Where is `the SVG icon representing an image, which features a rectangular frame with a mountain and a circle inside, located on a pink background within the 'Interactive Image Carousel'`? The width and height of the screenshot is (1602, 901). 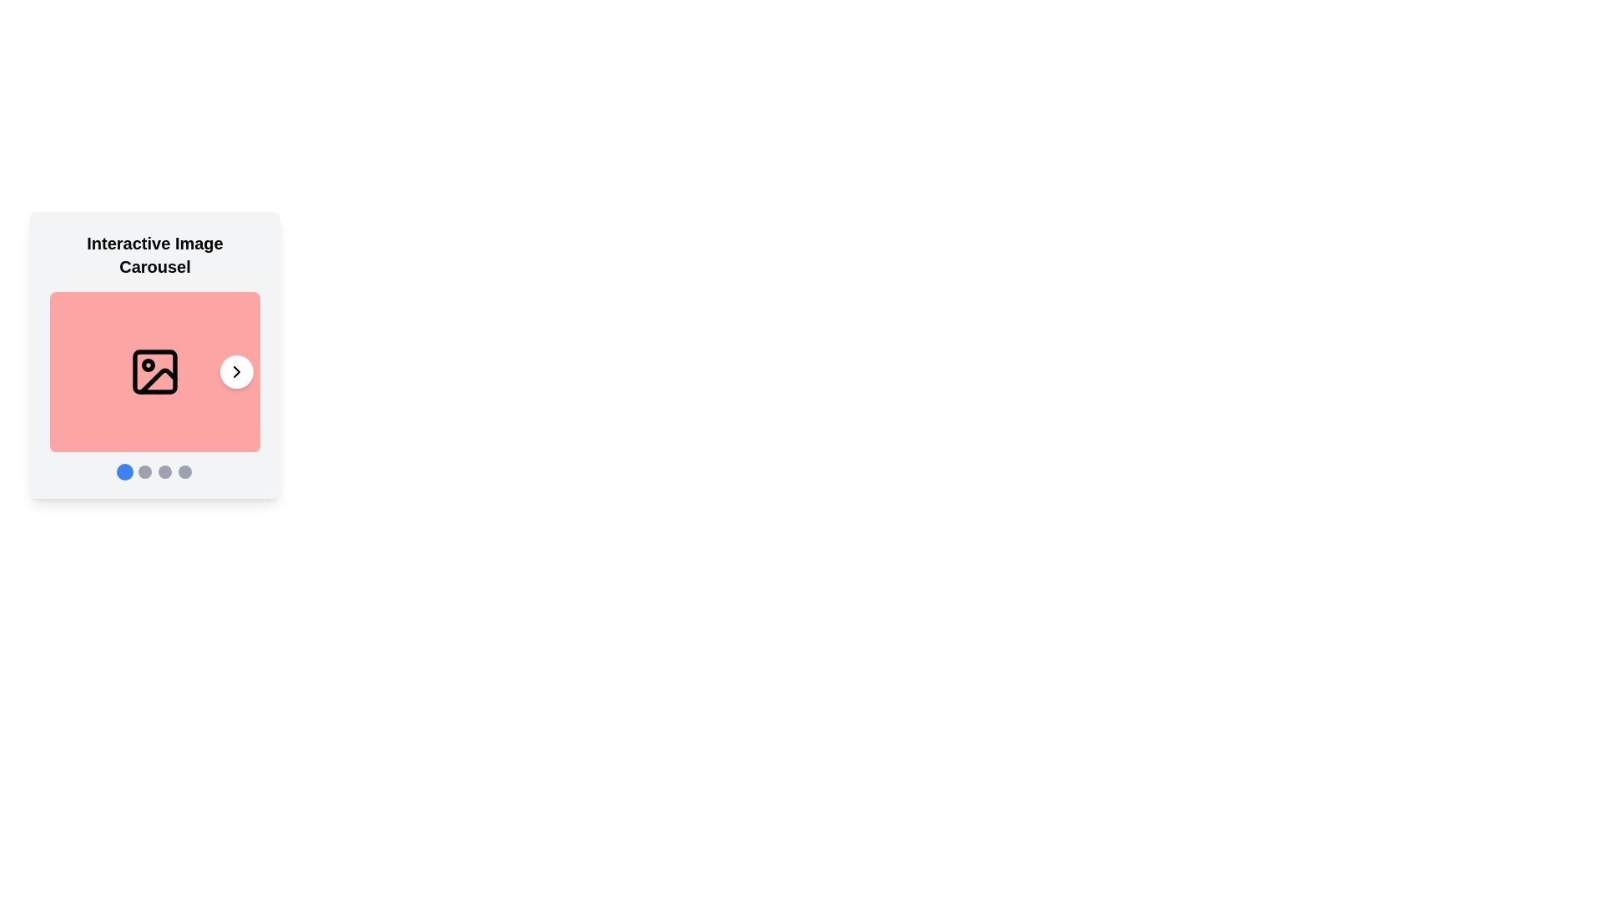 the SVG icon representing an image, which features a rectangular frame with a mountain and a circle inside, located on a pink background within the 'Interactive Image Carousel' is located at coordinates (155, 371).